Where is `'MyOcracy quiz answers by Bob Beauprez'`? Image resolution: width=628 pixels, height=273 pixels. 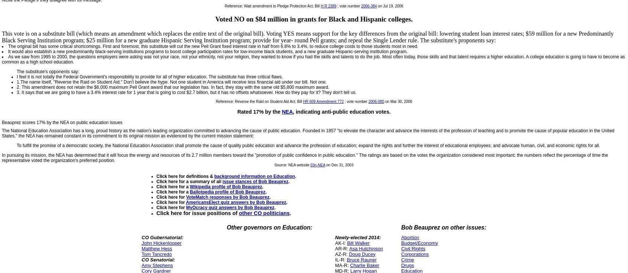 'MyOcracy quiz answers by Bob Beauprez' is located at coordinates (229, 207).